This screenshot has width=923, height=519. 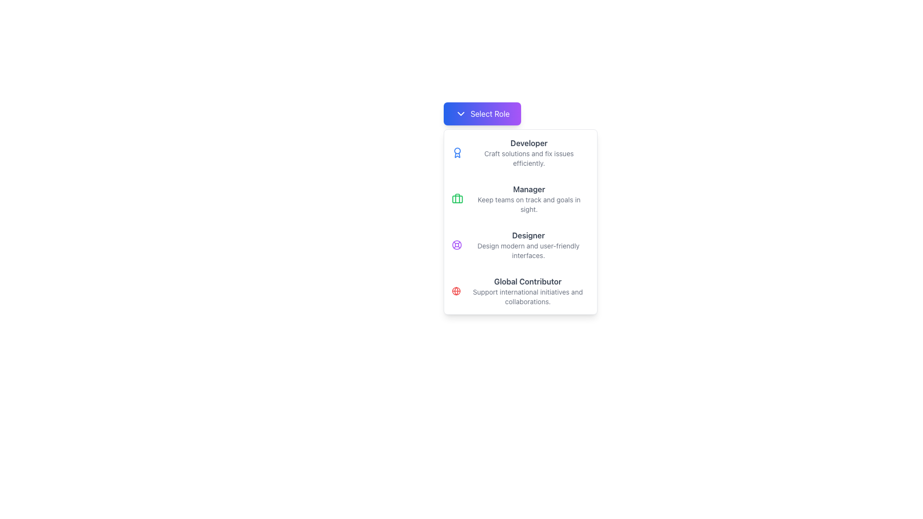 I want to click on text block that contains the message 'Craft solutions and fix issues efficiently.' located directly below the heading 'Developer', so click(x=528, y=158).